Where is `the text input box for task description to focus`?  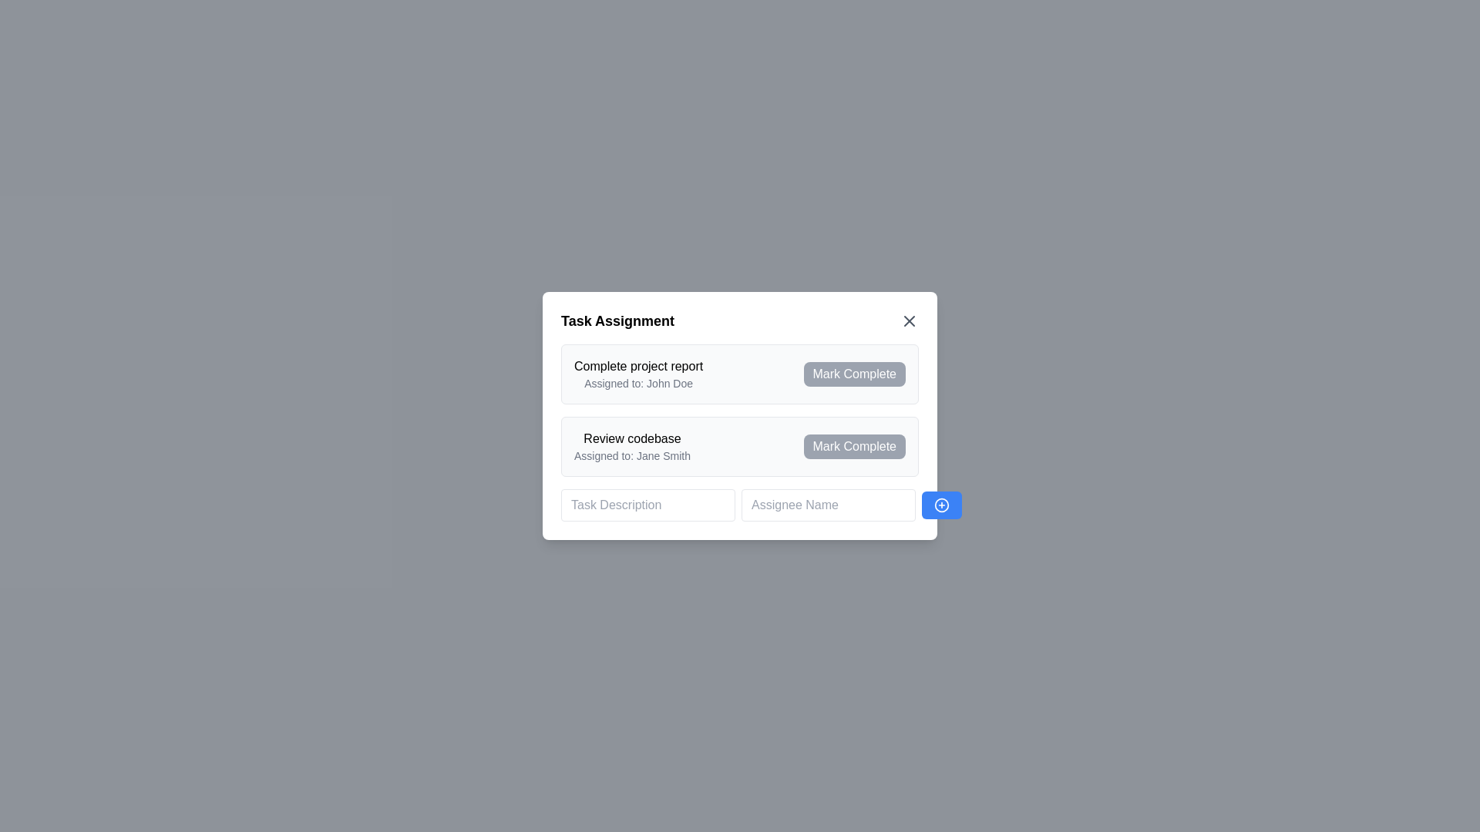 the text input box for task description to focus is located at coordinates (647, 505).